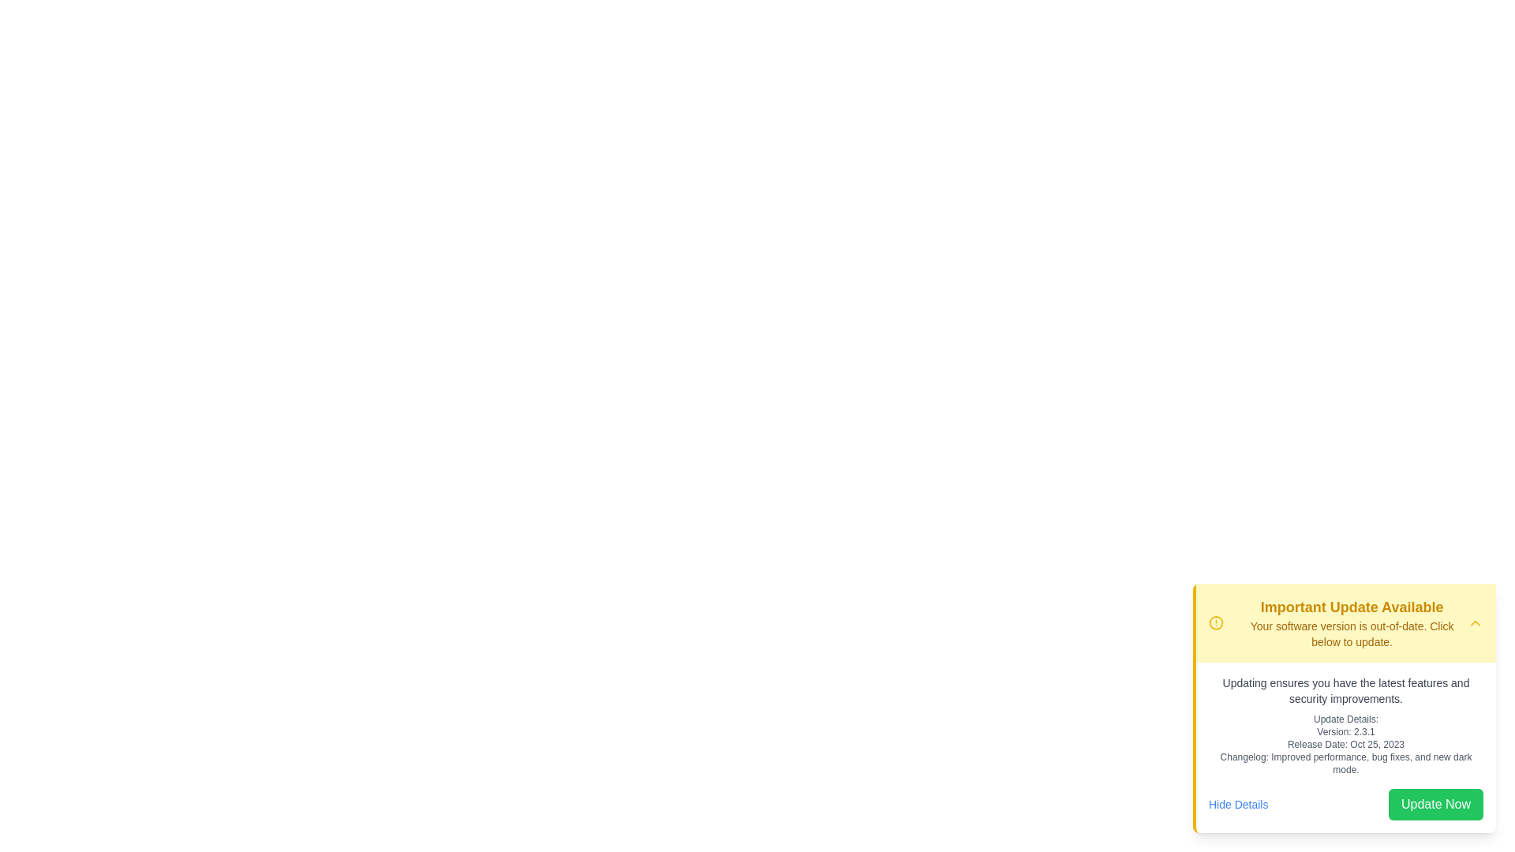 Image resolution: width=1515 pixels, height=852 pixels. Describe the element at coordinates (1351, 607) in the screenshot. I see `the text element displaying 'Important Update Available' which is bold and yellow, located at the top of a notification box` at that location.